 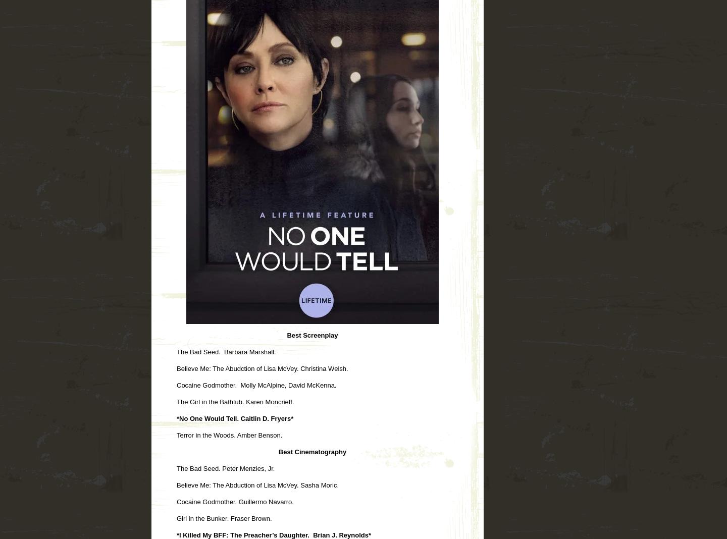 I want to click on 'The Bad Seed. Peter Menzies, Jr.', so click(x=177, y=467).